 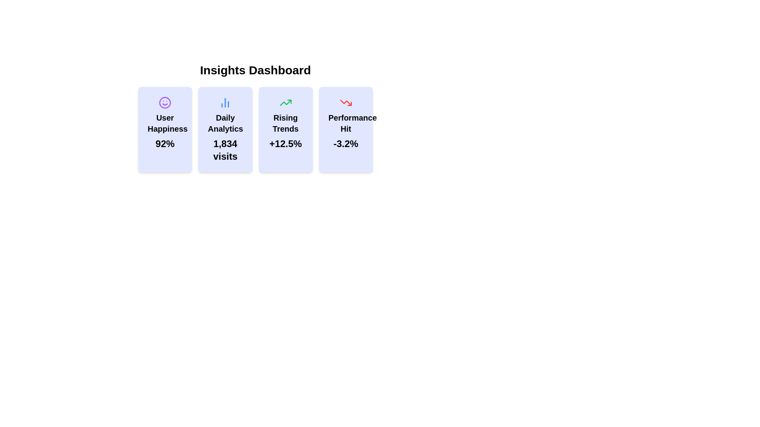 I want to click on value displayed in the text label showing '92%' within the 'User Happiness' card component, so click(x=165, y=144).